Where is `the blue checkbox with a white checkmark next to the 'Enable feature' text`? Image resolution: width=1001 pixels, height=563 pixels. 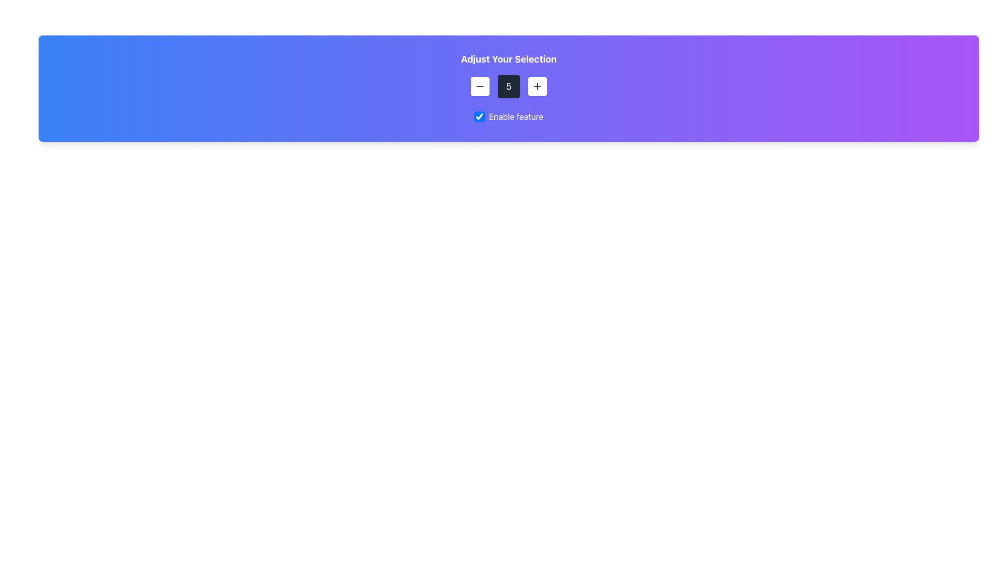
the blue checkbox with a white checkmark next to the 'Enable feature' text is located at coordinates (479, 116).